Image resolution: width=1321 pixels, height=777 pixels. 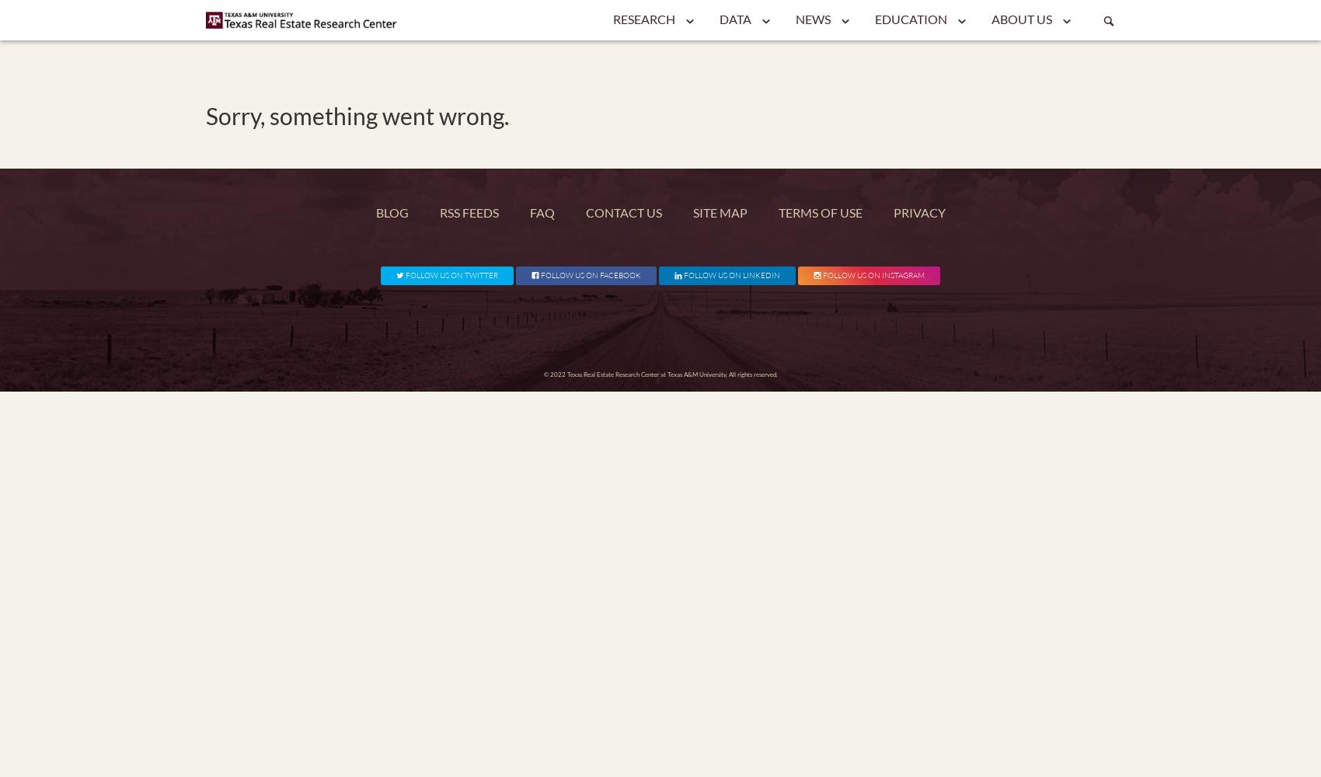 What do you see at coordinates (719, 212) in the screenshot?
I see `'Site Map'` at bounding box center [719, 212].